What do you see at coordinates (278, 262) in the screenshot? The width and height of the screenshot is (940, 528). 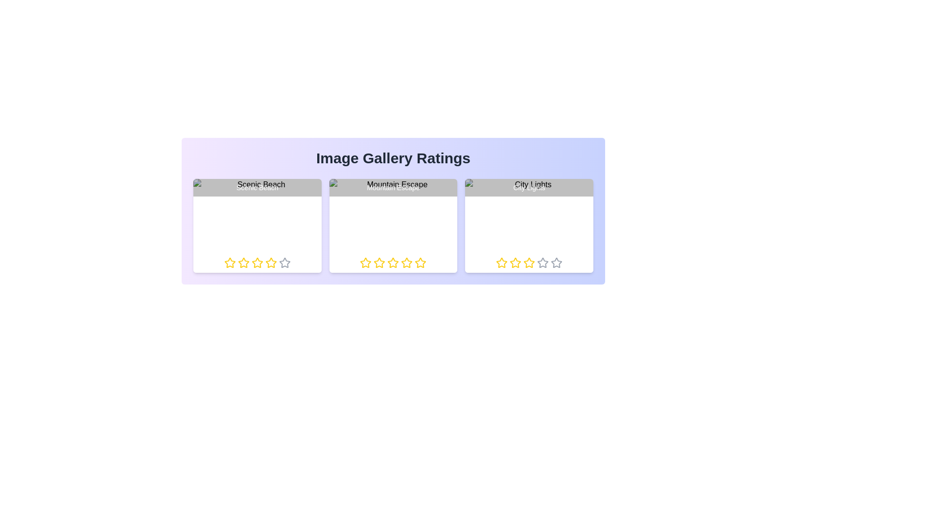 I see `the rating for the image titled 'Scenic Beach' to 5 stars` at bounding box center [278, 262].